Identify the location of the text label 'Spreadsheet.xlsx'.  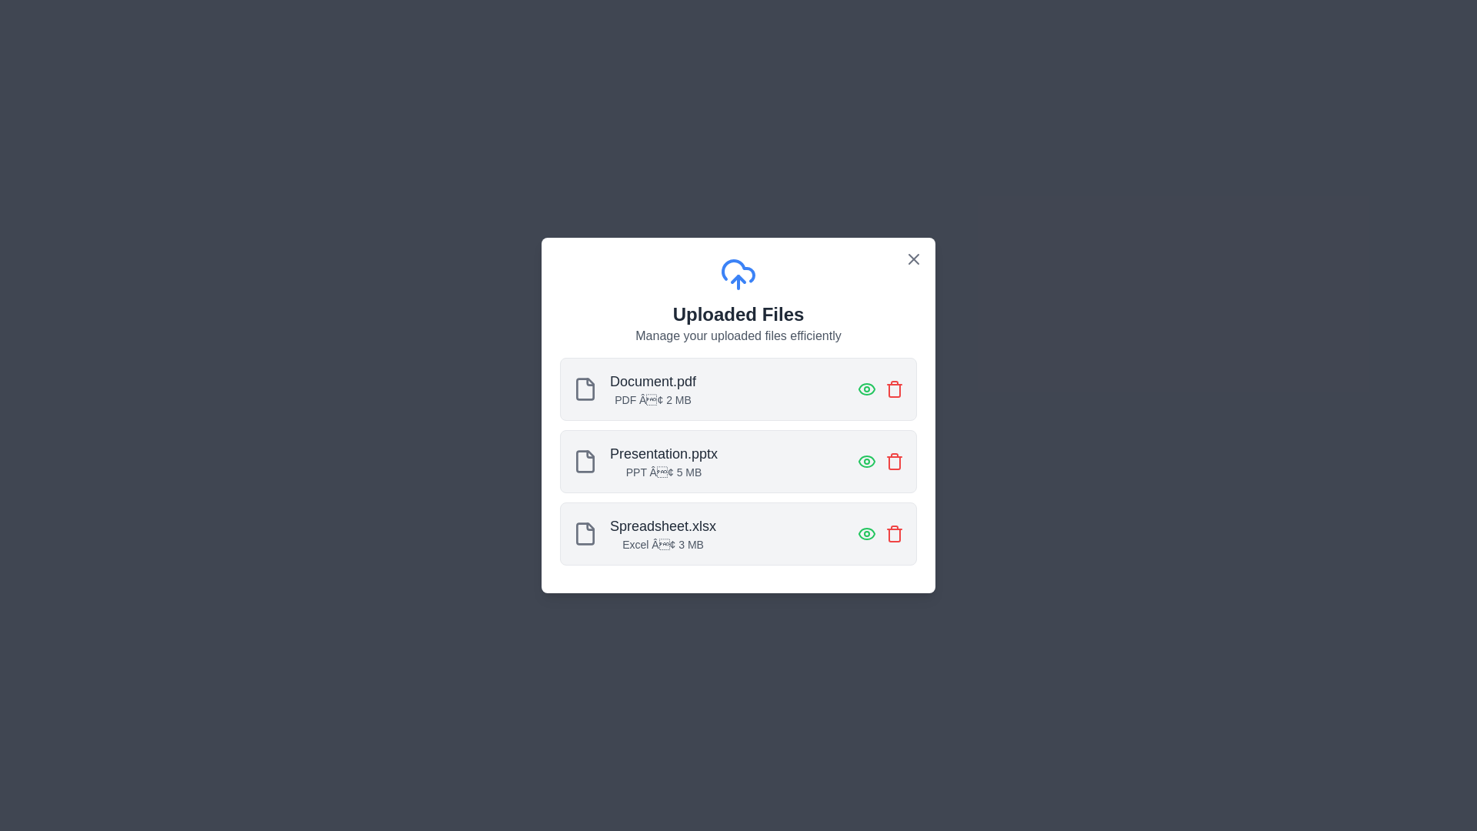
(663, 525).